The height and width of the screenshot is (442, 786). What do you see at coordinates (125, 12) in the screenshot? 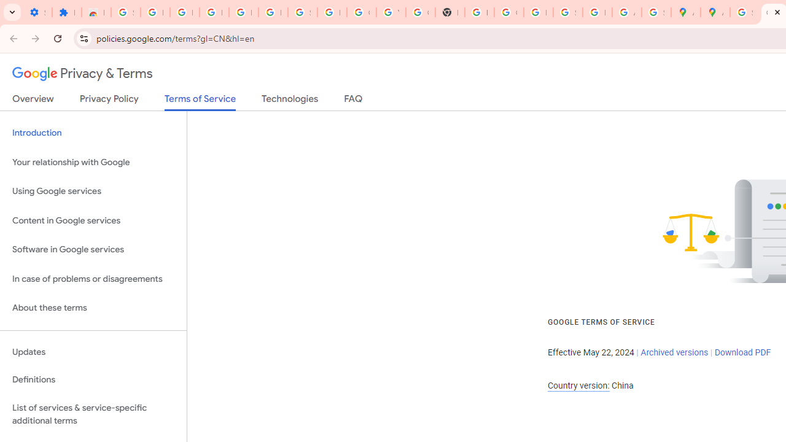
I see `'Sign in - Google Accounts'` at bounding box center [125, 12].